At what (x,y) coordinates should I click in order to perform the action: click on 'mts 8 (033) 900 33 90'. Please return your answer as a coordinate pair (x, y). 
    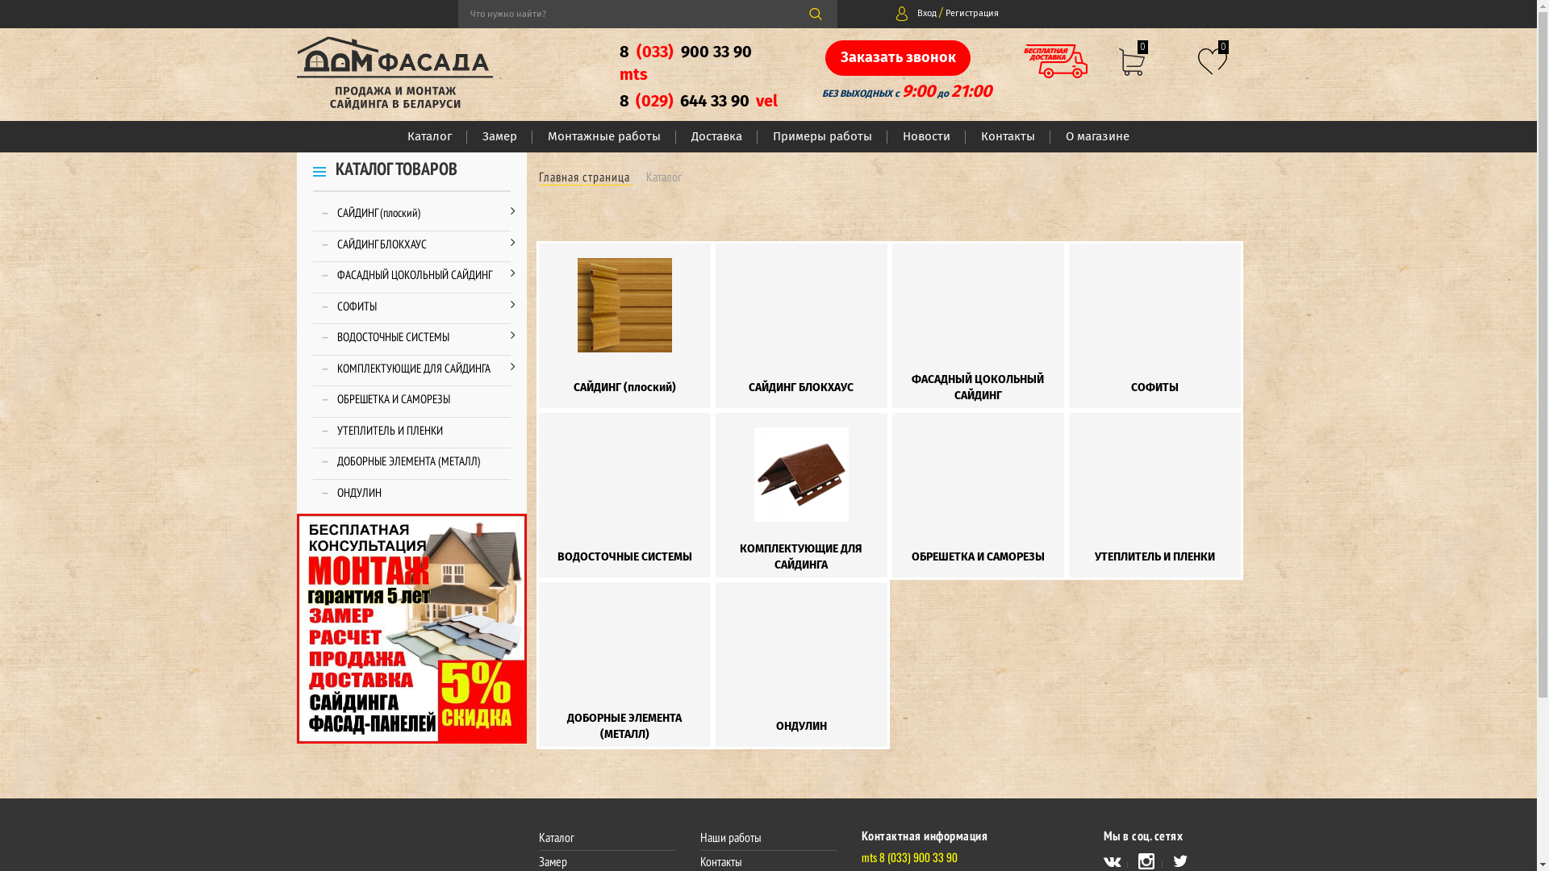
    Looking at the image, I should click on (909, 856).